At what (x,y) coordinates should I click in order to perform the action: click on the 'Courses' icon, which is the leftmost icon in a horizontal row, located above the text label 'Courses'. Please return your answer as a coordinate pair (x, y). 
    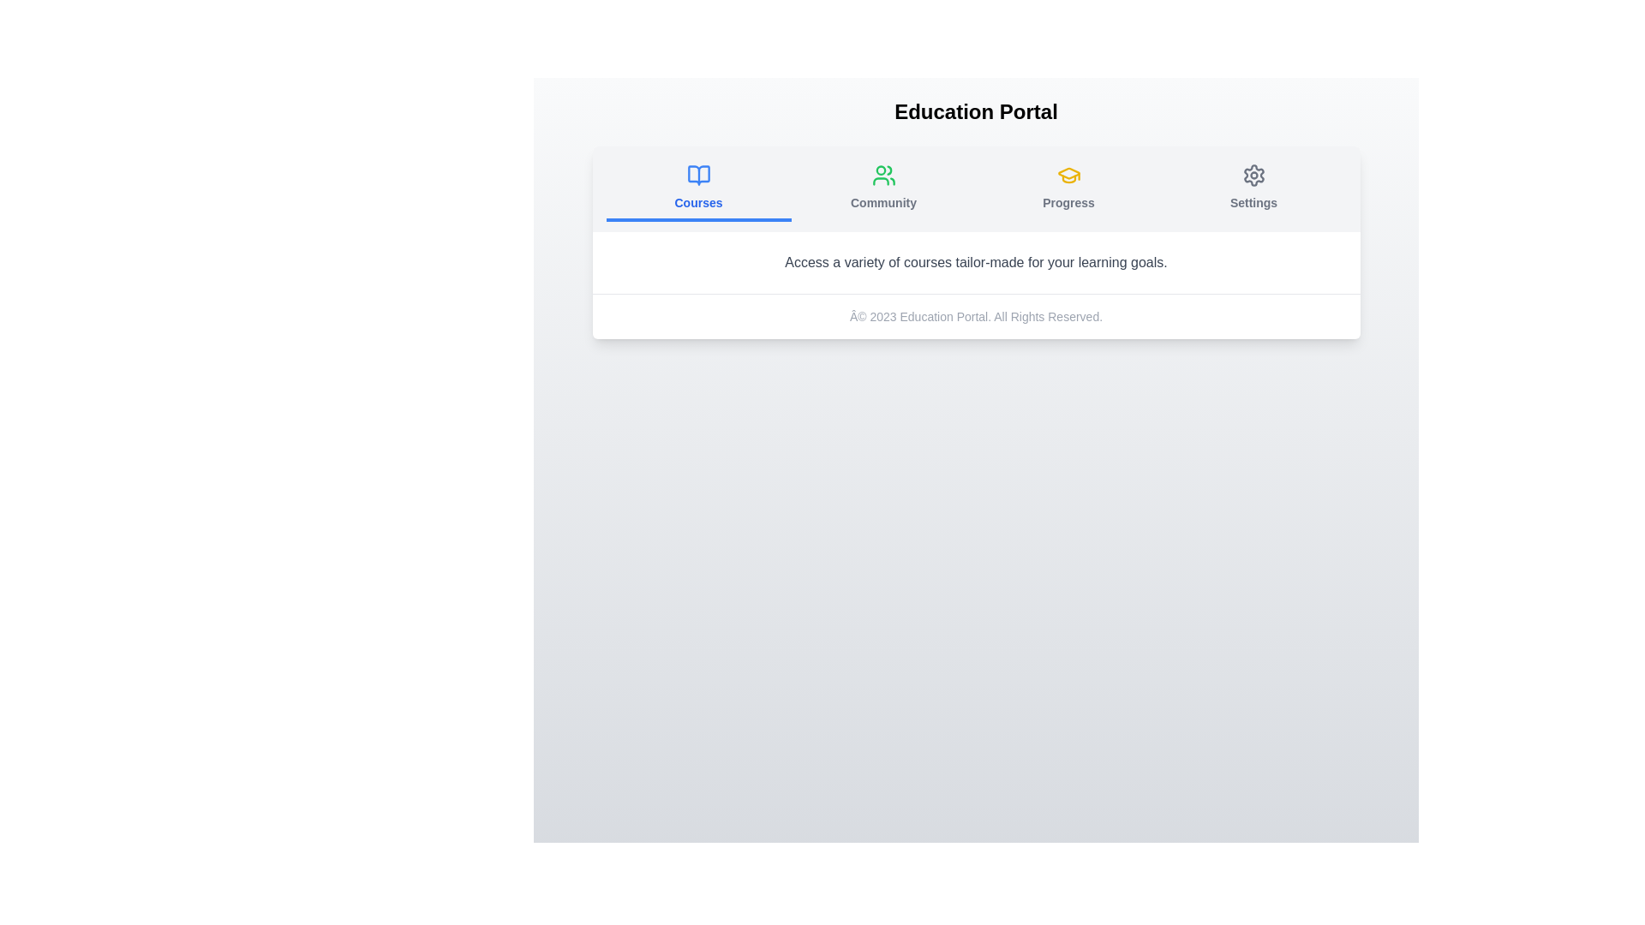
    Looking at the image, I should click on (698, 175).